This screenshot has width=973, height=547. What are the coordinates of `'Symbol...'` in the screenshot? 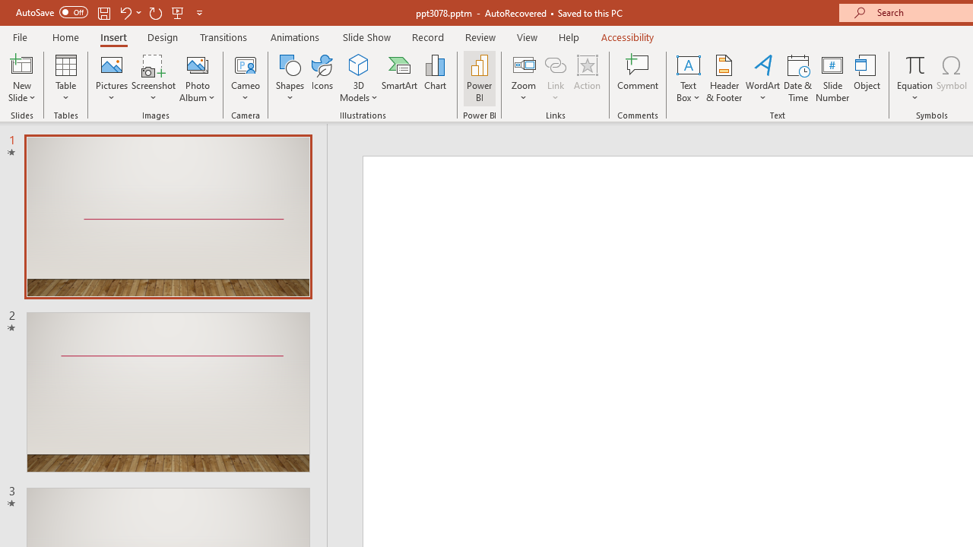 It's located at (951, 78).